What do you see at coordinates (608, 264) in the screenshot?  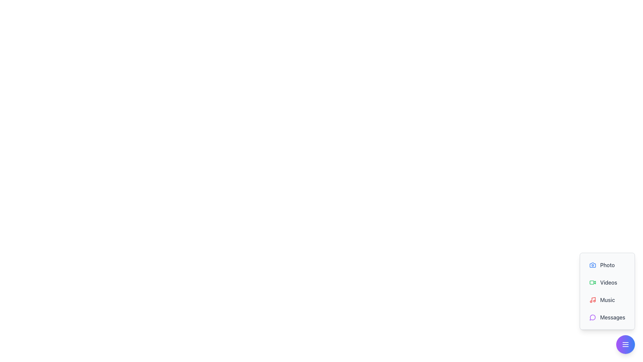 I see `text label indicating the 'Photo' menu option, which is positioned to the right of a blue camera icon and above the 'Videos' option` at bounding box center [608, 264].